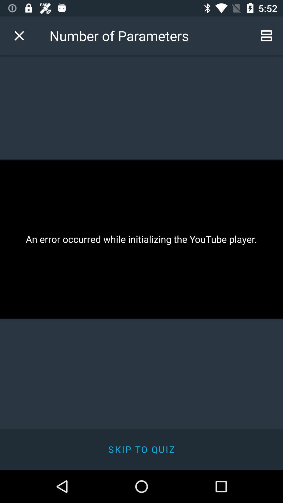 The width and height of the screenshot is (283, 503). Describe the element at coordinates (266, 35) in the screenshot. I see `item above the an error occurred app` at that location.